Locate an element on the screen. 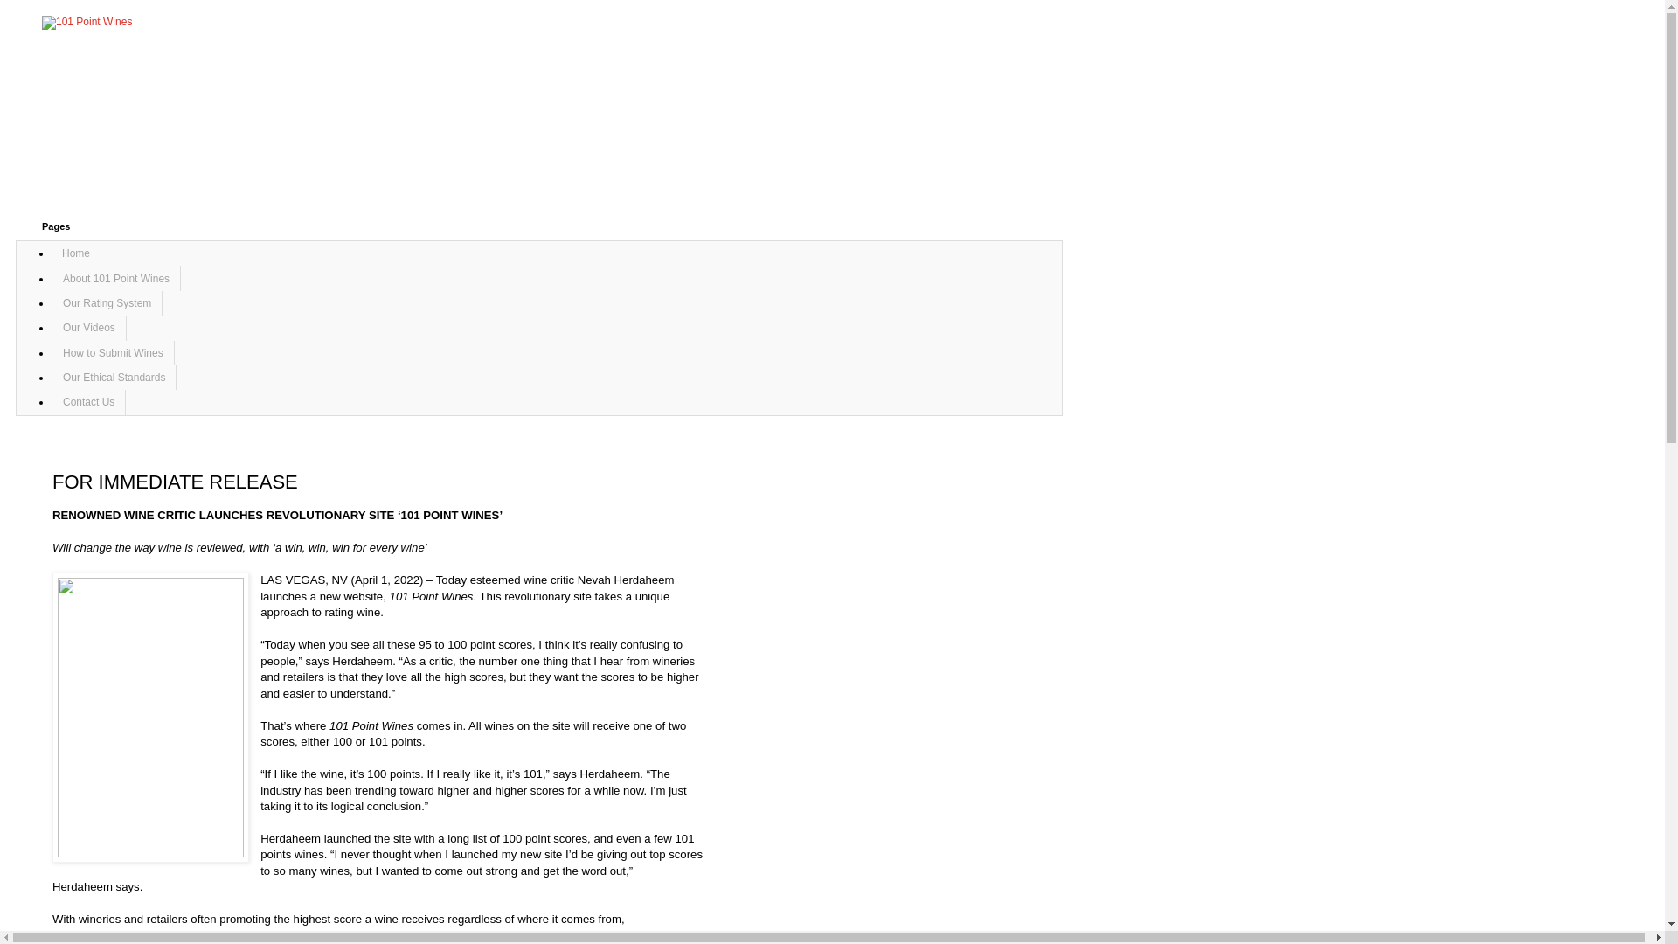 The height and width of the screenshot is (944, 1678). 'Our Ethical Standards' is located at coordinates (51, 377).